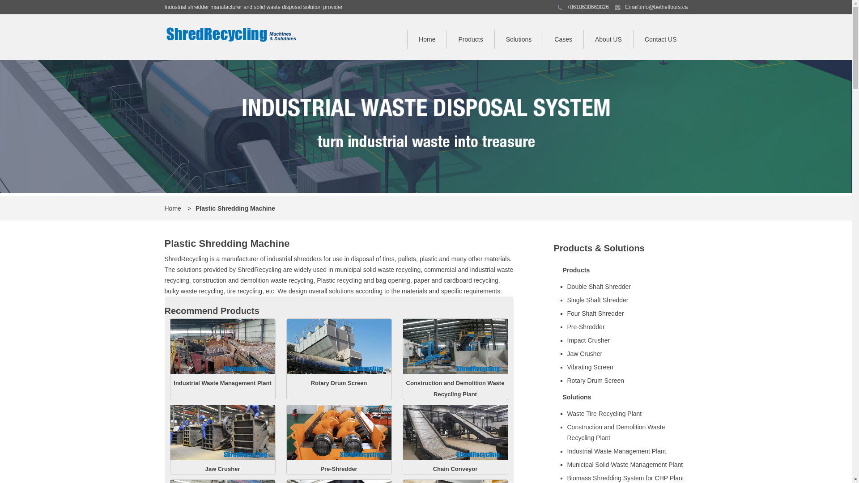 The width and height of the screenshot is (859, 483). I want to click on 'Chain Conveyor', so click(455, 468).